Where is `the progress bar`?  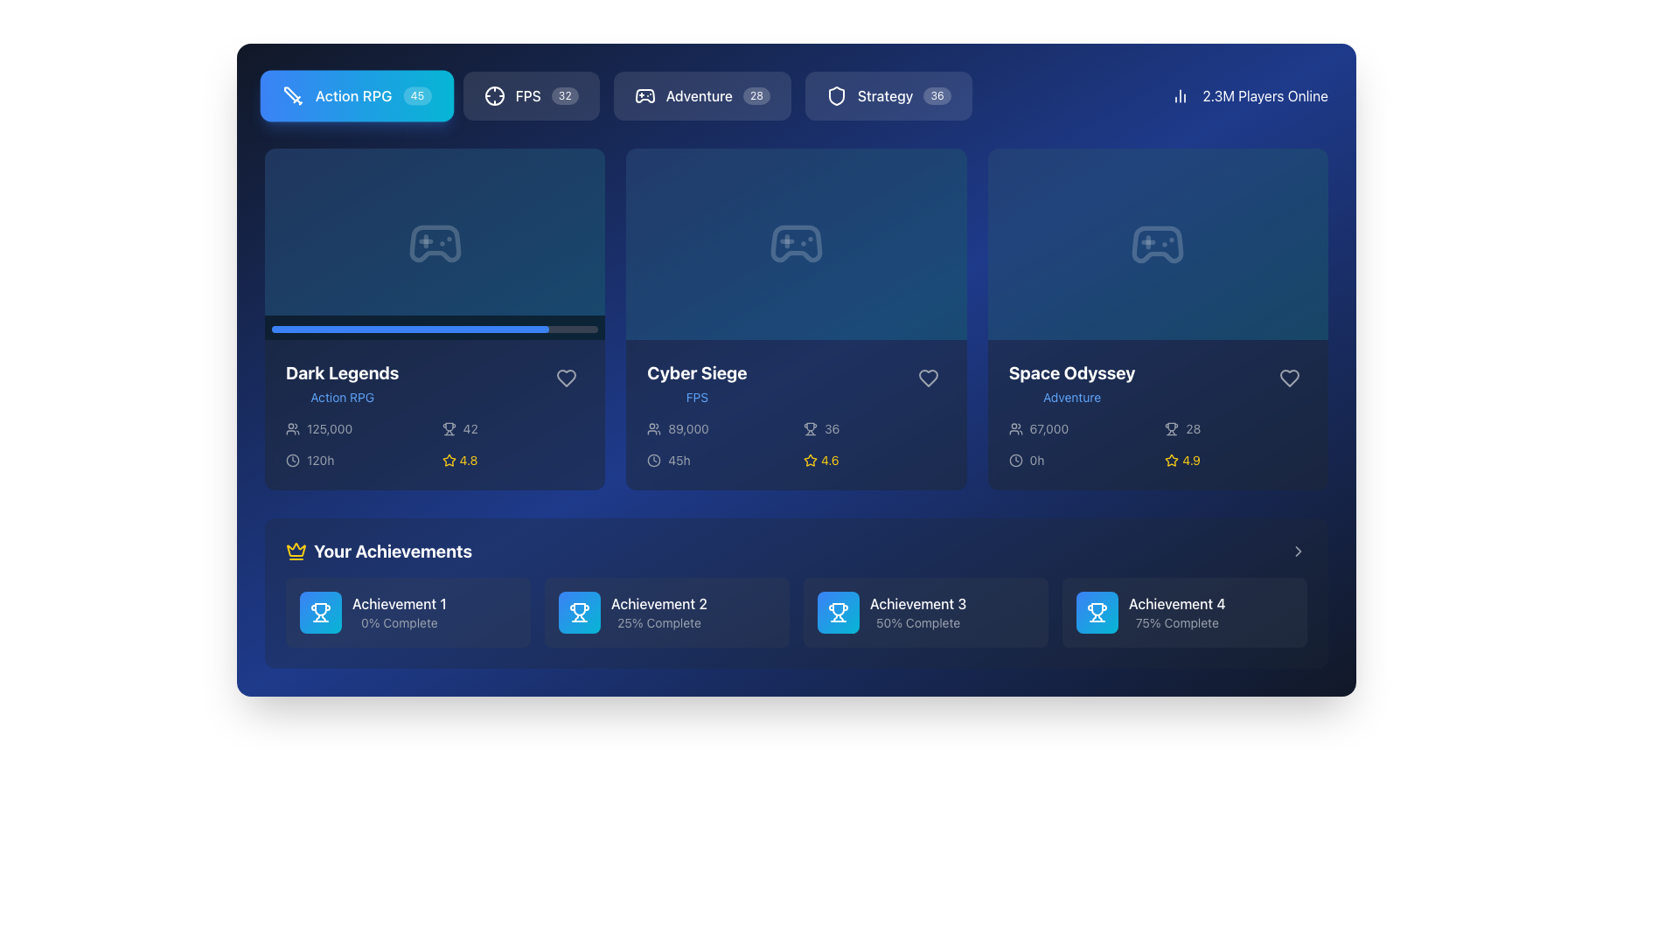 the progress bar is located at coordinates (352, 328).